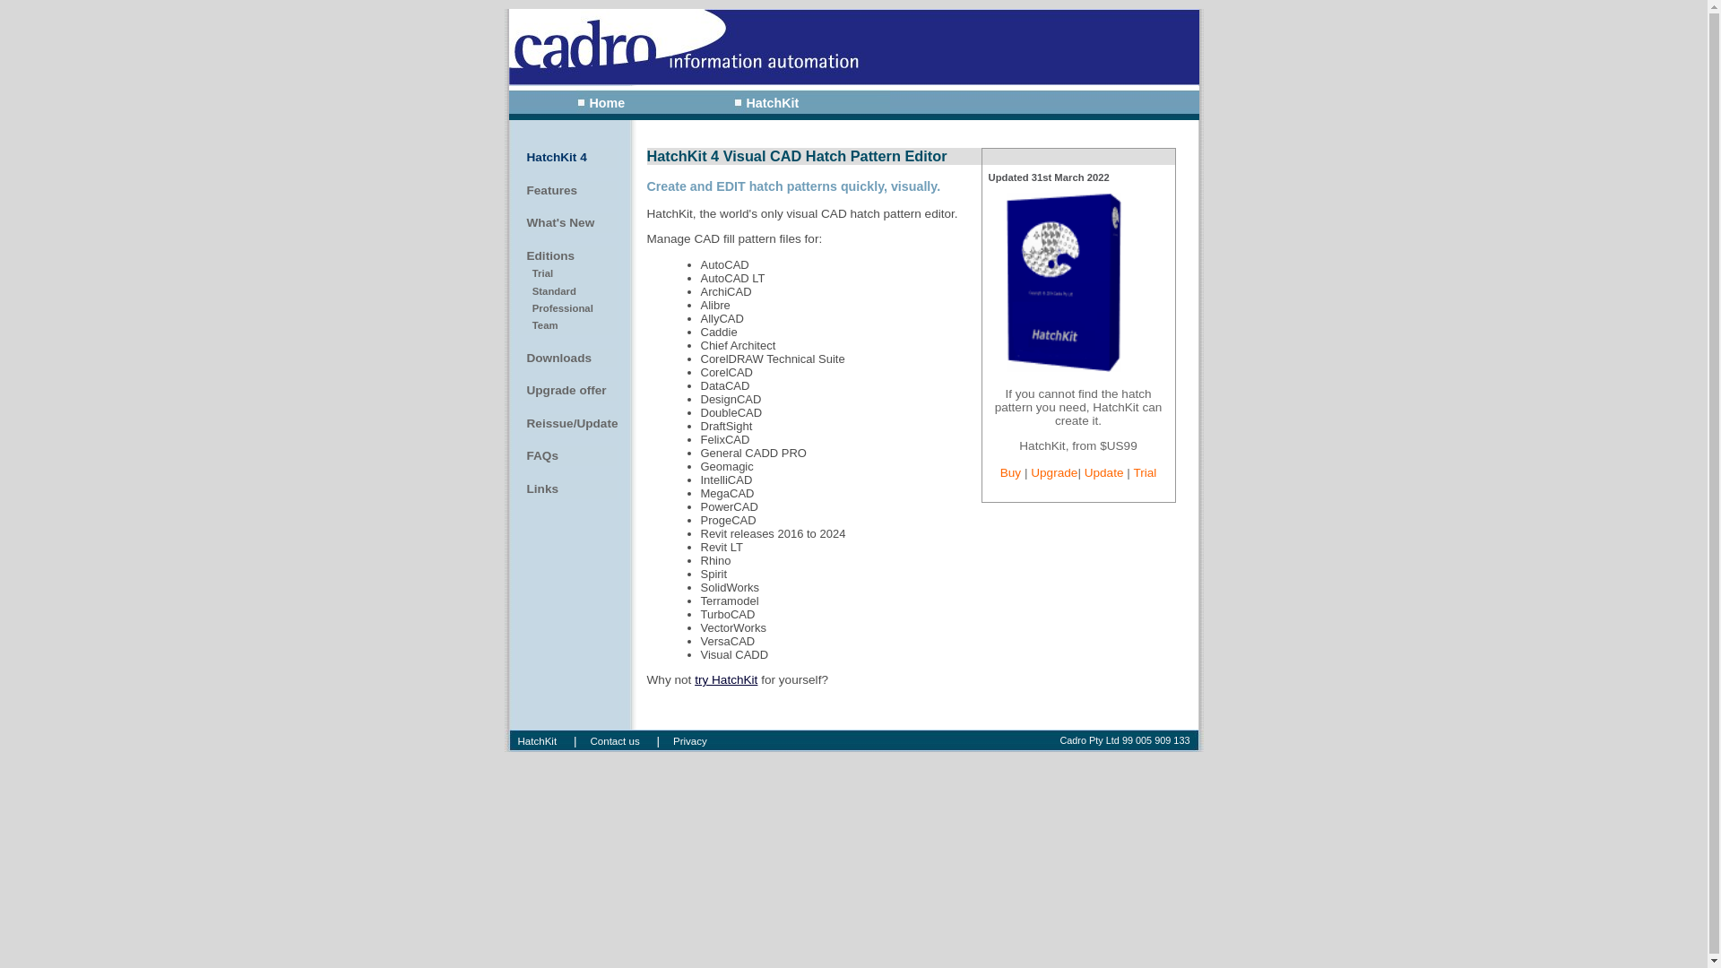  I want to click on 'FAQs', so click(516, 455).